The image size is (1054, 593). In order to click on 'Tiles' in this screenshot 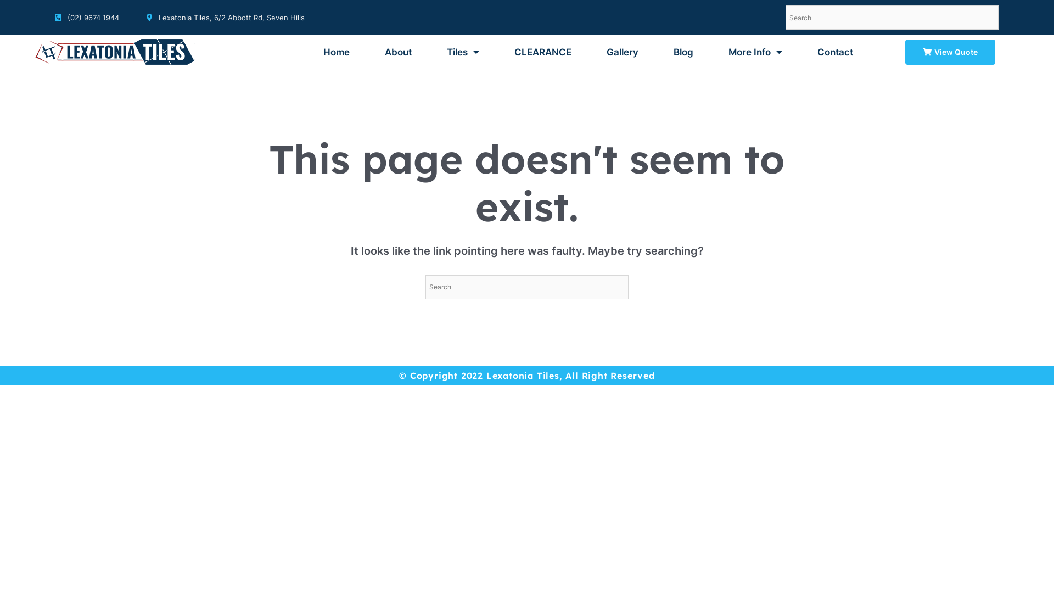, I will do `click(463, 52)`.